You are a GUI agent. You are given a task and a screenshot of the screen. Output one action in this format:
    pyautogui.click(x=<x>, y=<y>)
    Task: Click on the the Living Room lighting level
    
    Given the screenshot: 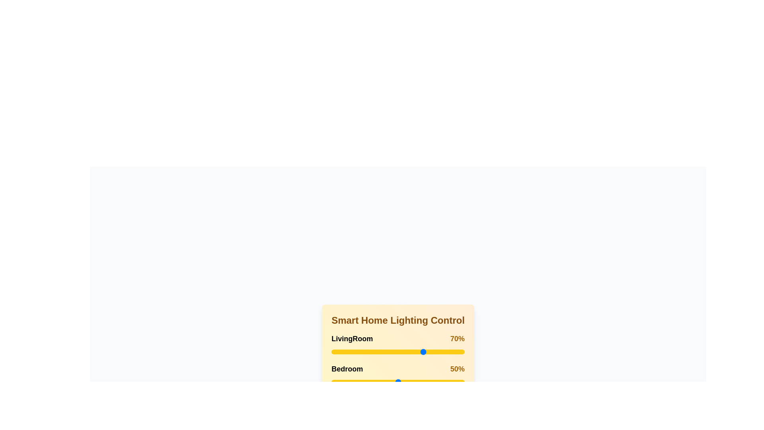 What is the action you would take?
    pyautogui.click(x=414, y=351)
    